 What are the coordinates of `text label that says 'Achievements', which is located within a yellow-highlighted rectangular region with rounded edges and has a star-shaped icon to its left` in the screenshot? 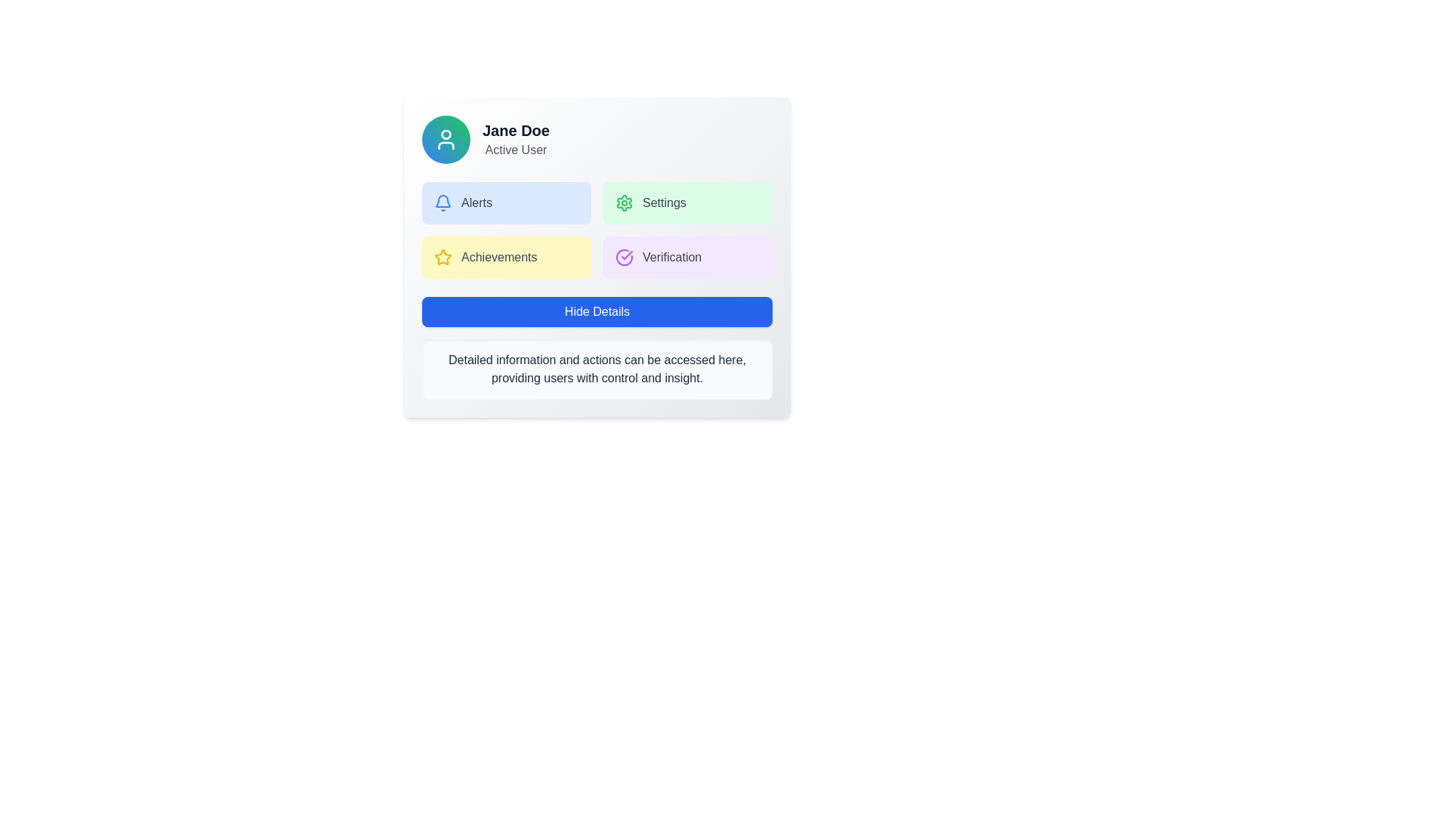 It's located at (499, 256).